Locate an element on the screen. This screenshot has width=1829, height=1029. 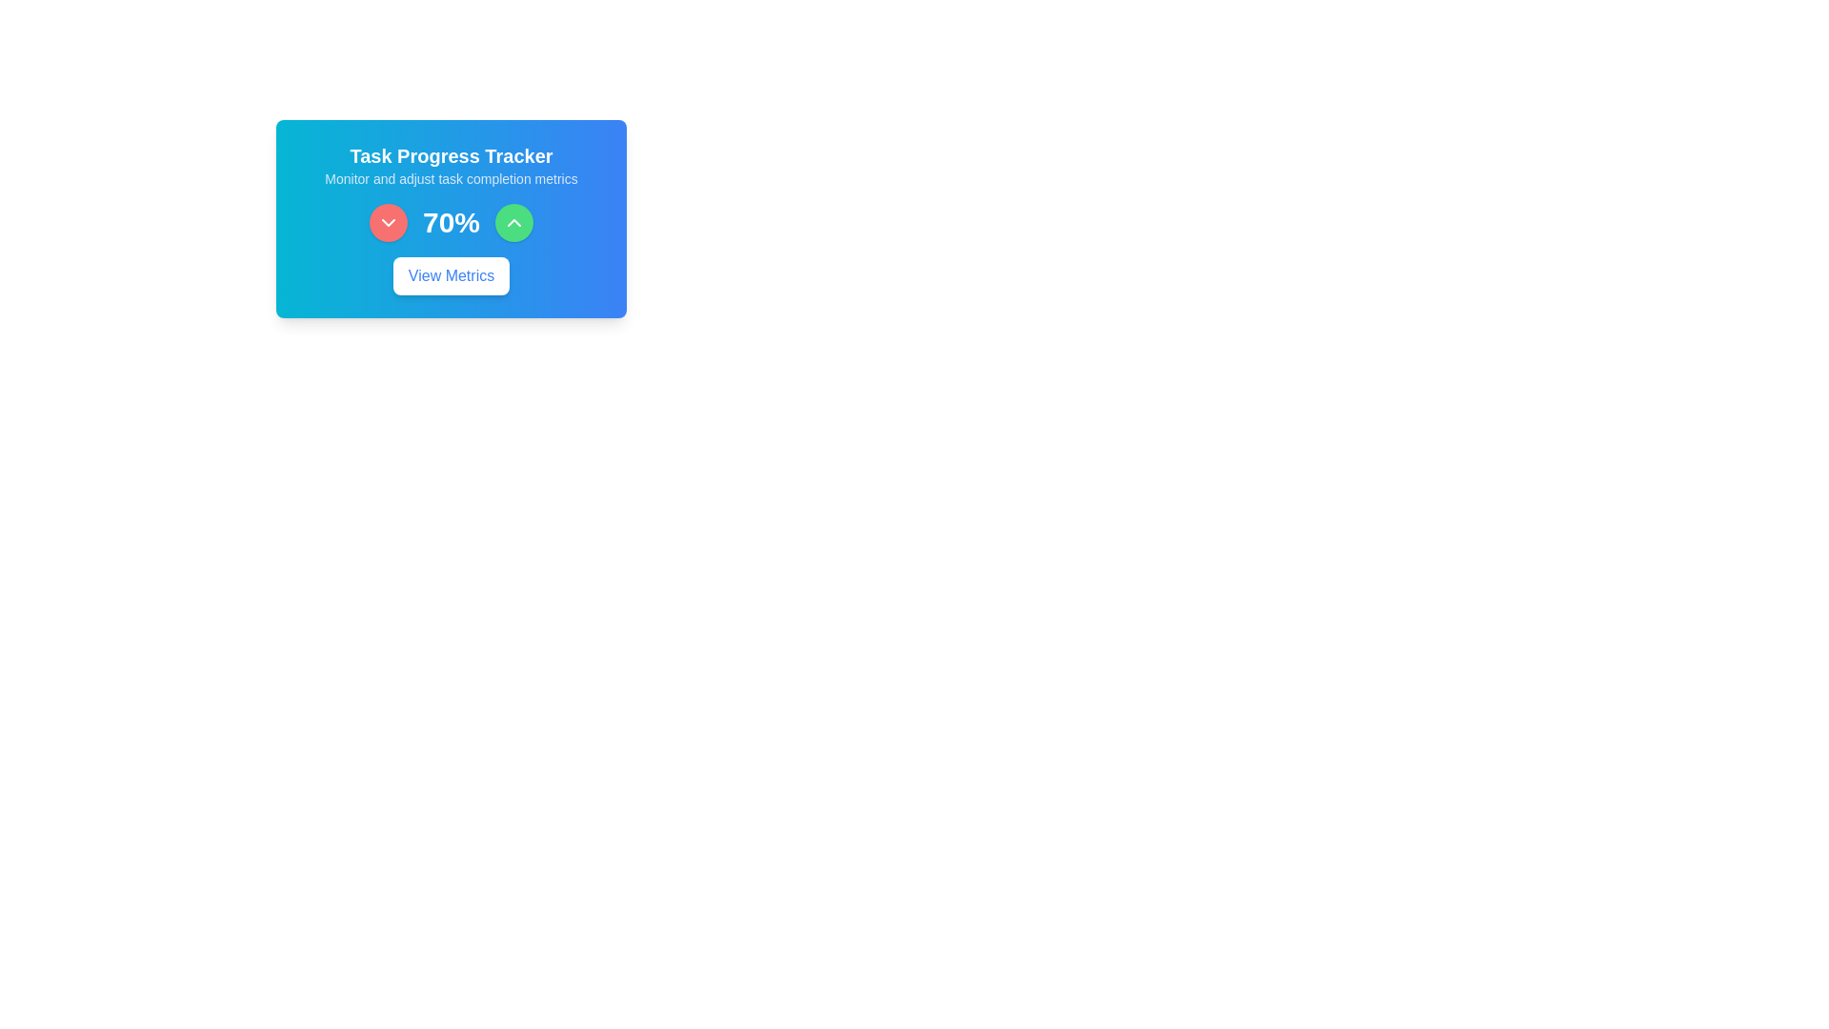
the 'View Metrics' button, which has a white background and blue text is located at coordinates (451, 275).